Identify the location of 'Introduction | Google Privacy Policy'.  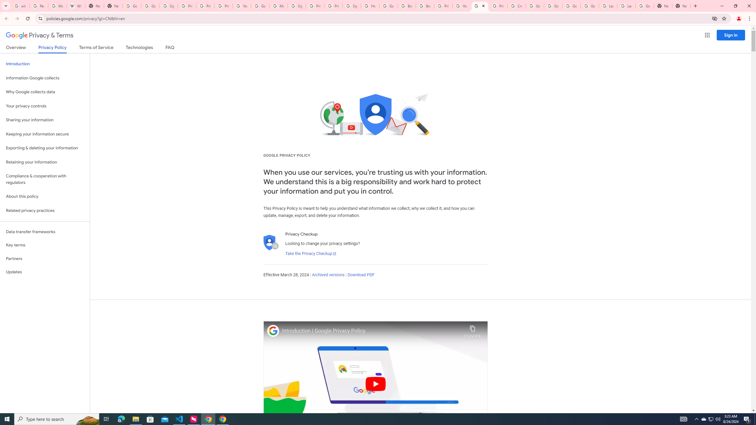
(371, 331).